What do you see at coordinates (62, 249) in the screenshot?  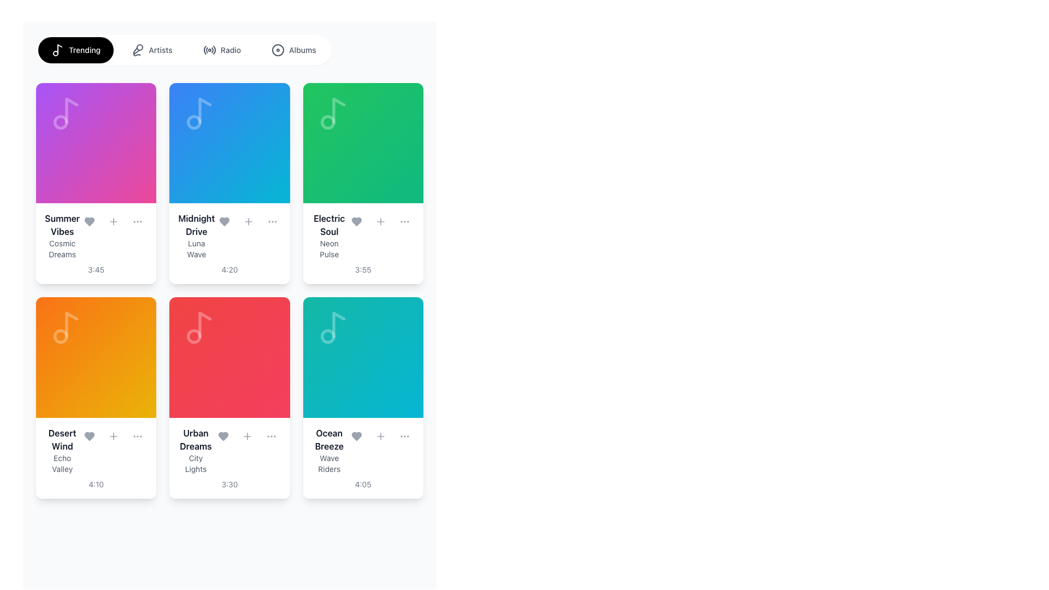 I see `text label displaying 'Cosmic Dreams', which is styled in gray and positioned below 'Summer Vibes' in the top-left card of the grid layout` at bounding box center [62, 249].